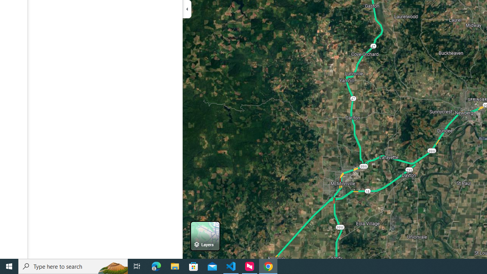 The height and width of the screenshot is (274, 487). What do you see at coordinates (205, 236) in the screenshot?
I see `'Layers'` at bounding box center [205, 236].